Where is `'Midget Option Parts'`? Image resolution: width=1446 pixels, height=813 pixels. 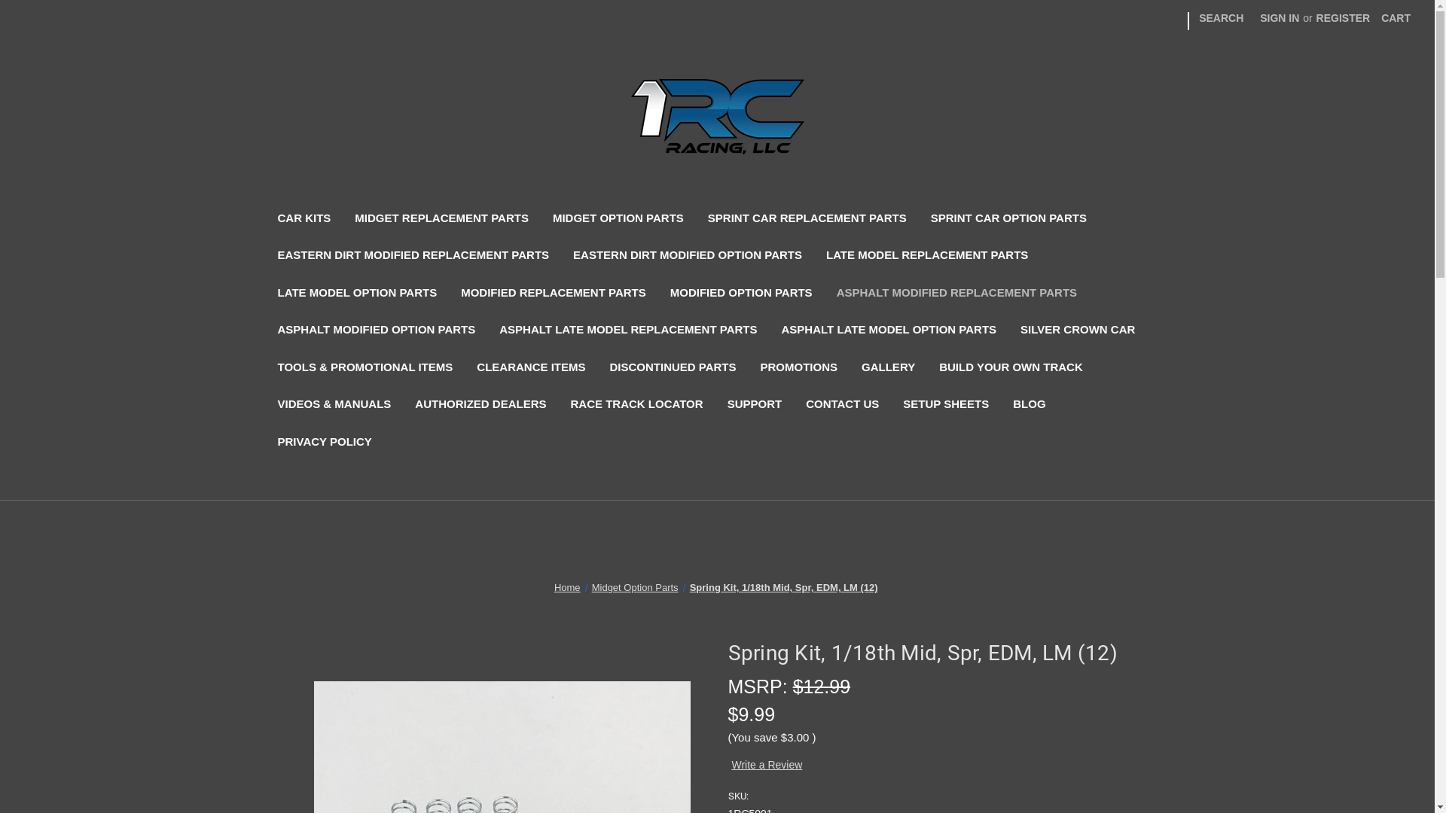 'Midget Option Parts' is located at coordinates (635, 586).